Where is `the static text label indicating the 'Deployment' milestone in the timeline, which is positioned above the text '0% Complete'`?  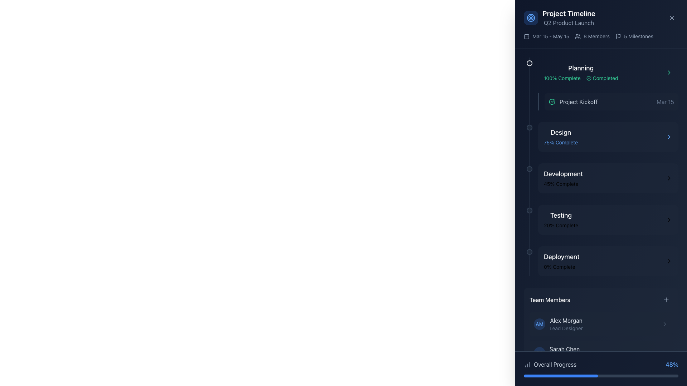 the static text label indicating the 'Deployment' milestone in the timeline, which is positioned above the text '0% Complete' is located at coordinates (561, 256).